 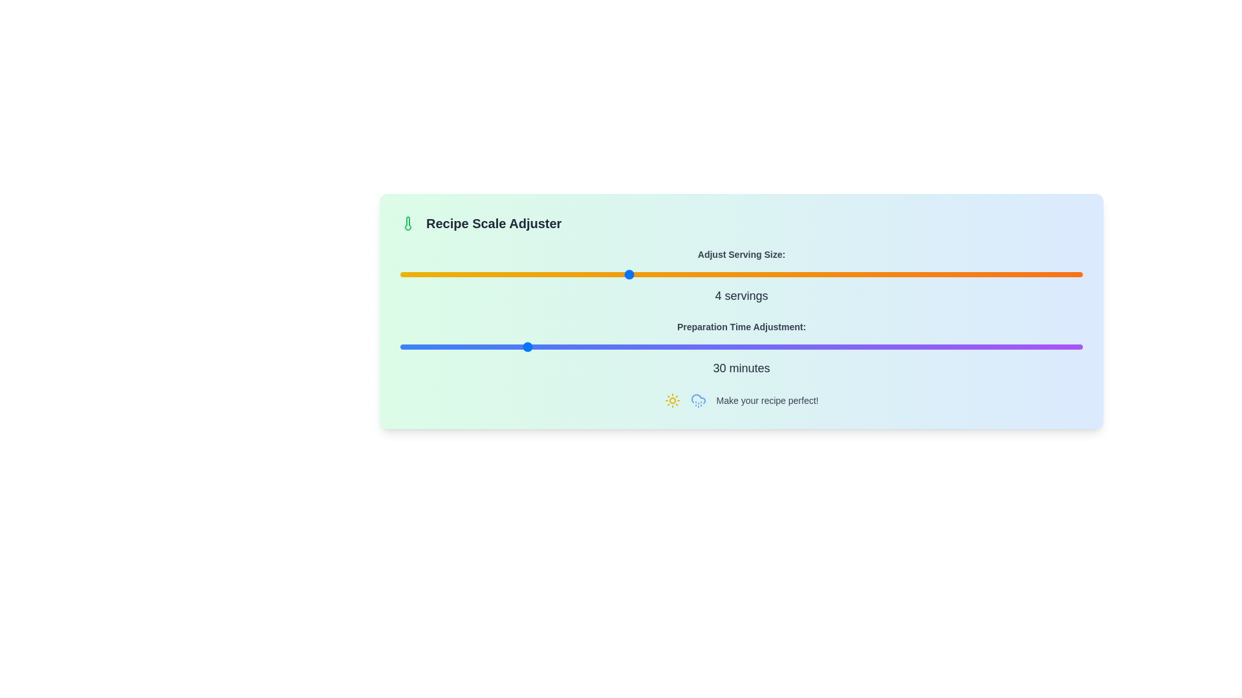 I want to click on the preparation time, so click(x=866, y=346).